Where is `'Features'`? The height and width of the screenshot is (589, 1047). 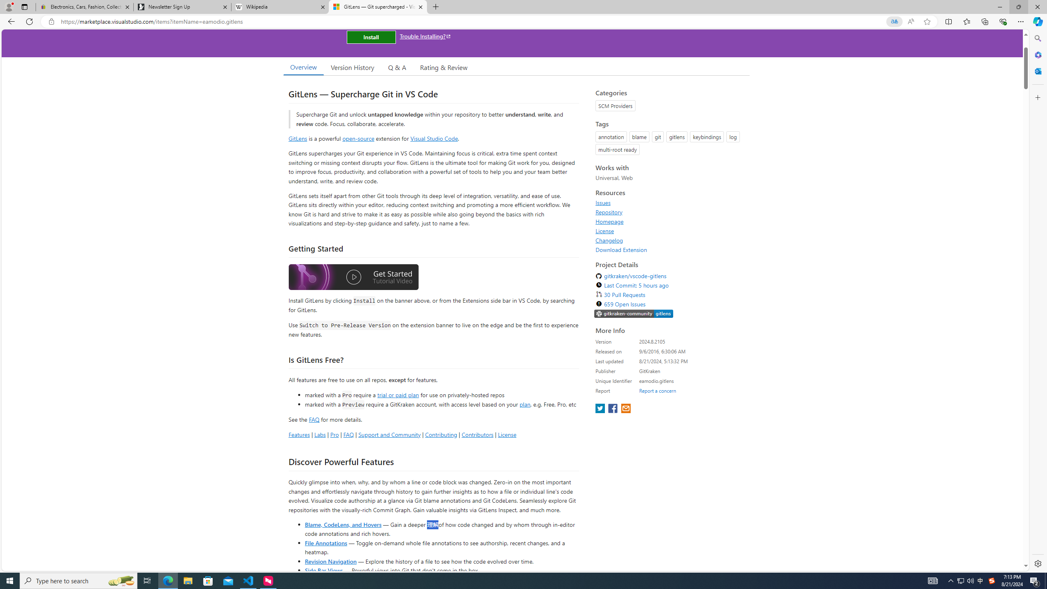
'Features' is located at coordinates (298, 434).